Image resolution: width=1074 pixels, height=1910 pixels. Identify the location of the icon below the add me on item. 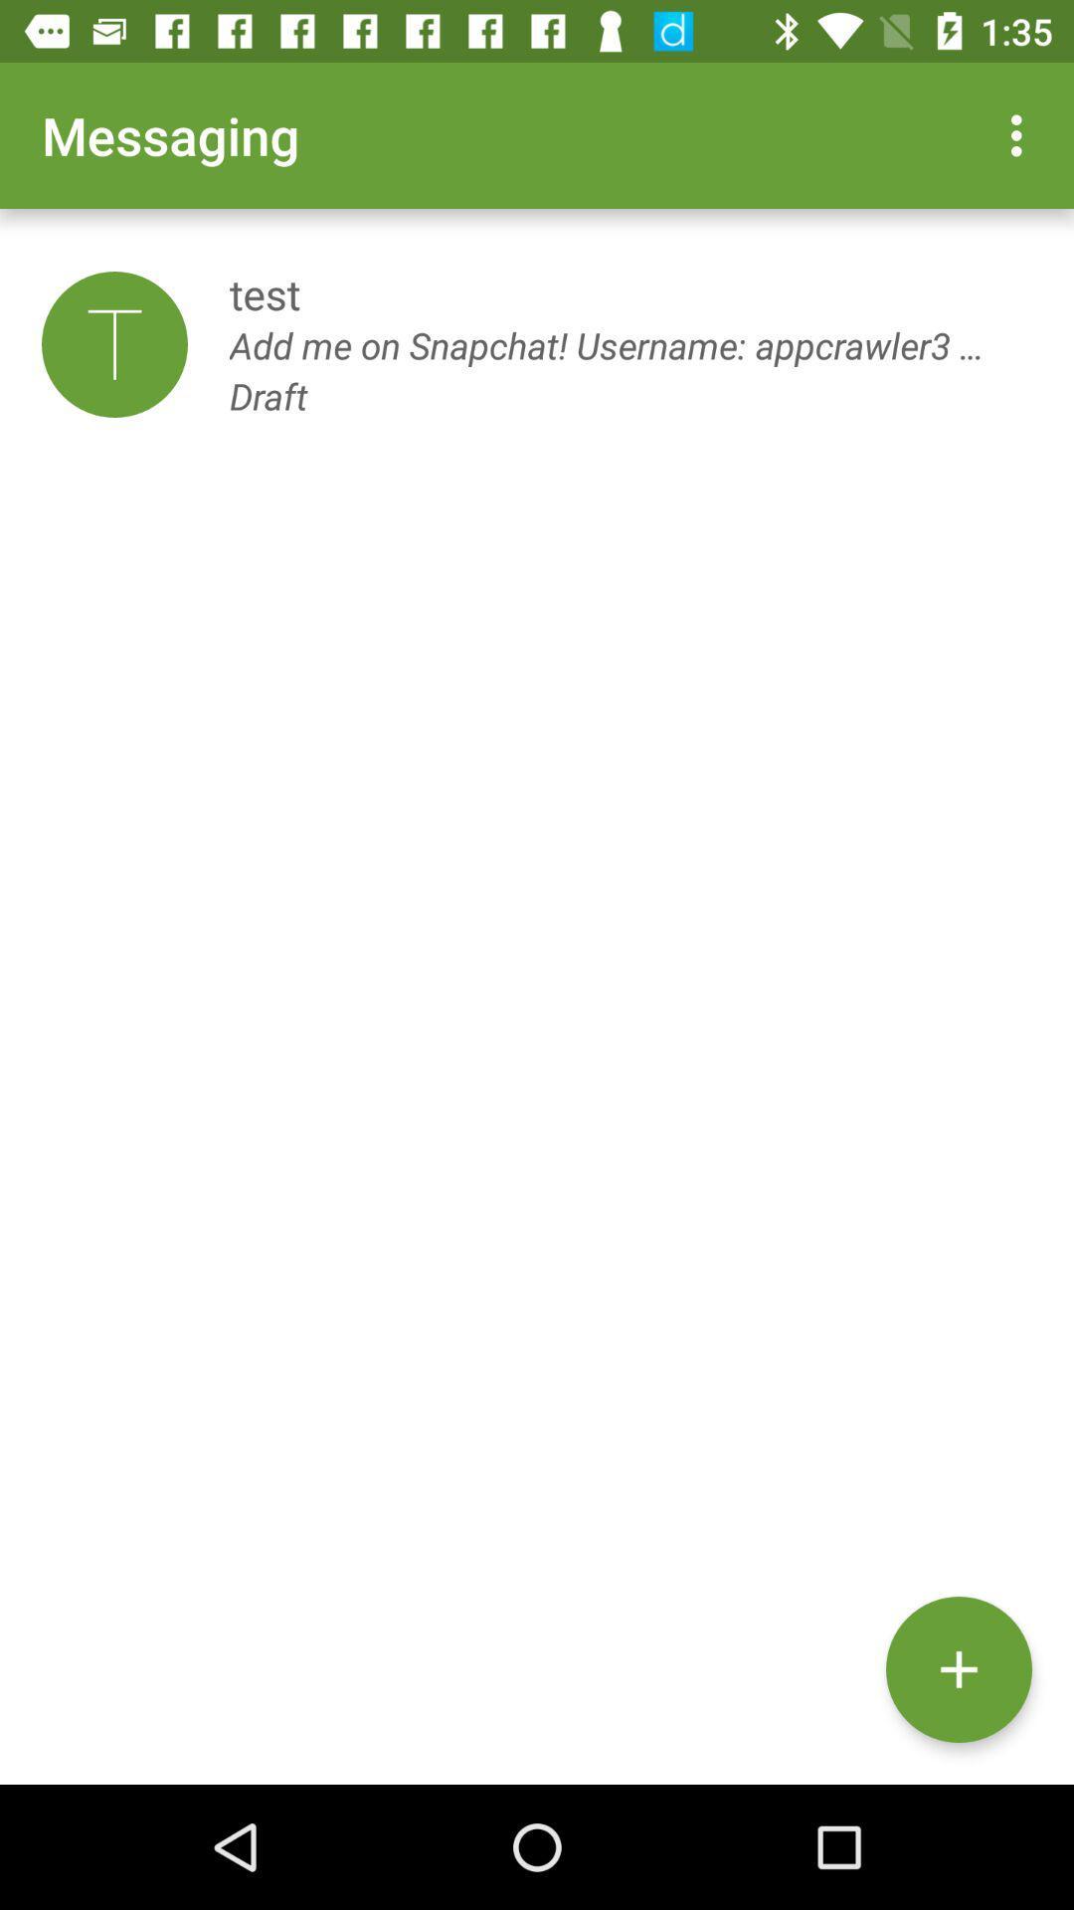
(958, 1669).